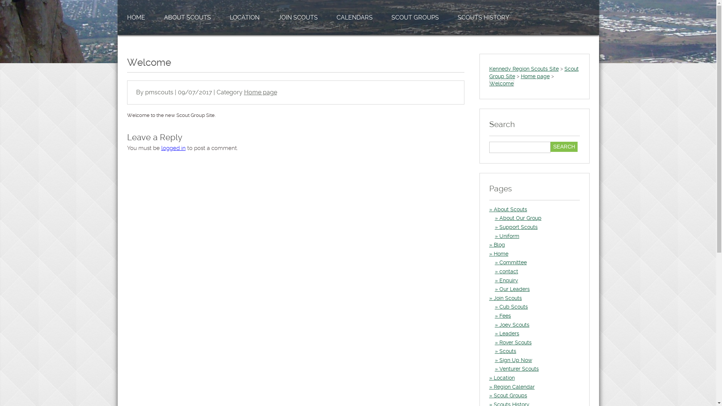 Image resolution: width=722 pixels, height=406 pixels. I want to click on 'Search', so click(551, 147).